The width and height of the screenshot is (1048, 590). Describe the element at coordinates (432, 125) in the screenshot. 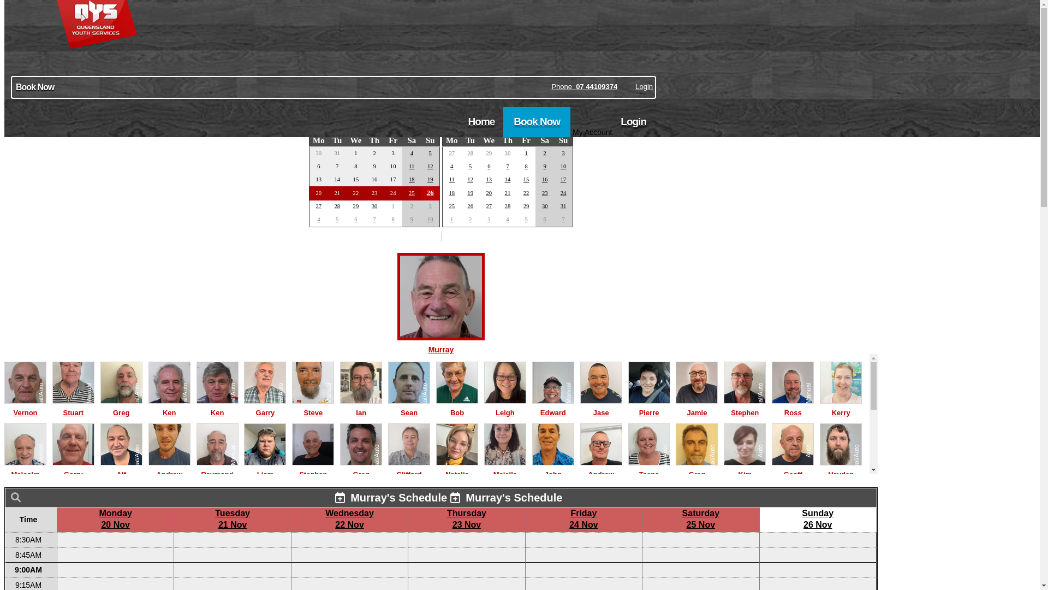

I see `'Dec'` at that location.